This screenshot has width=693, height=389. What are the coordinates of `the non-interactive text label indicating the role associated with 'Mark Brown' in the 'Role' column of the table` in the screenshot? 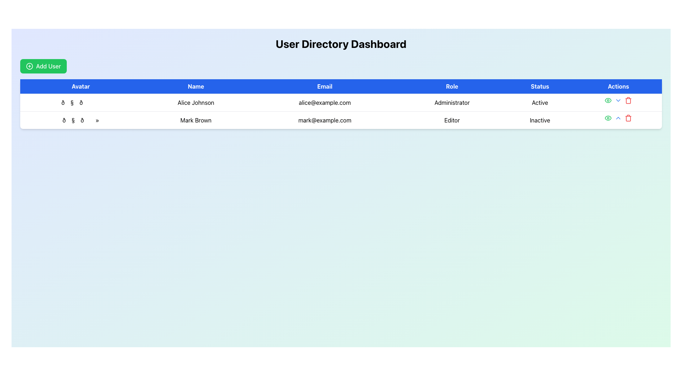 It's located at (452, 120).